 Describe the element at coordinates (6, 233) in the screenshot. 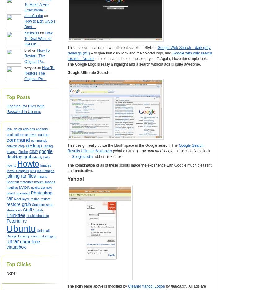

I see `'Uninstall Google Desktop'` at that location.